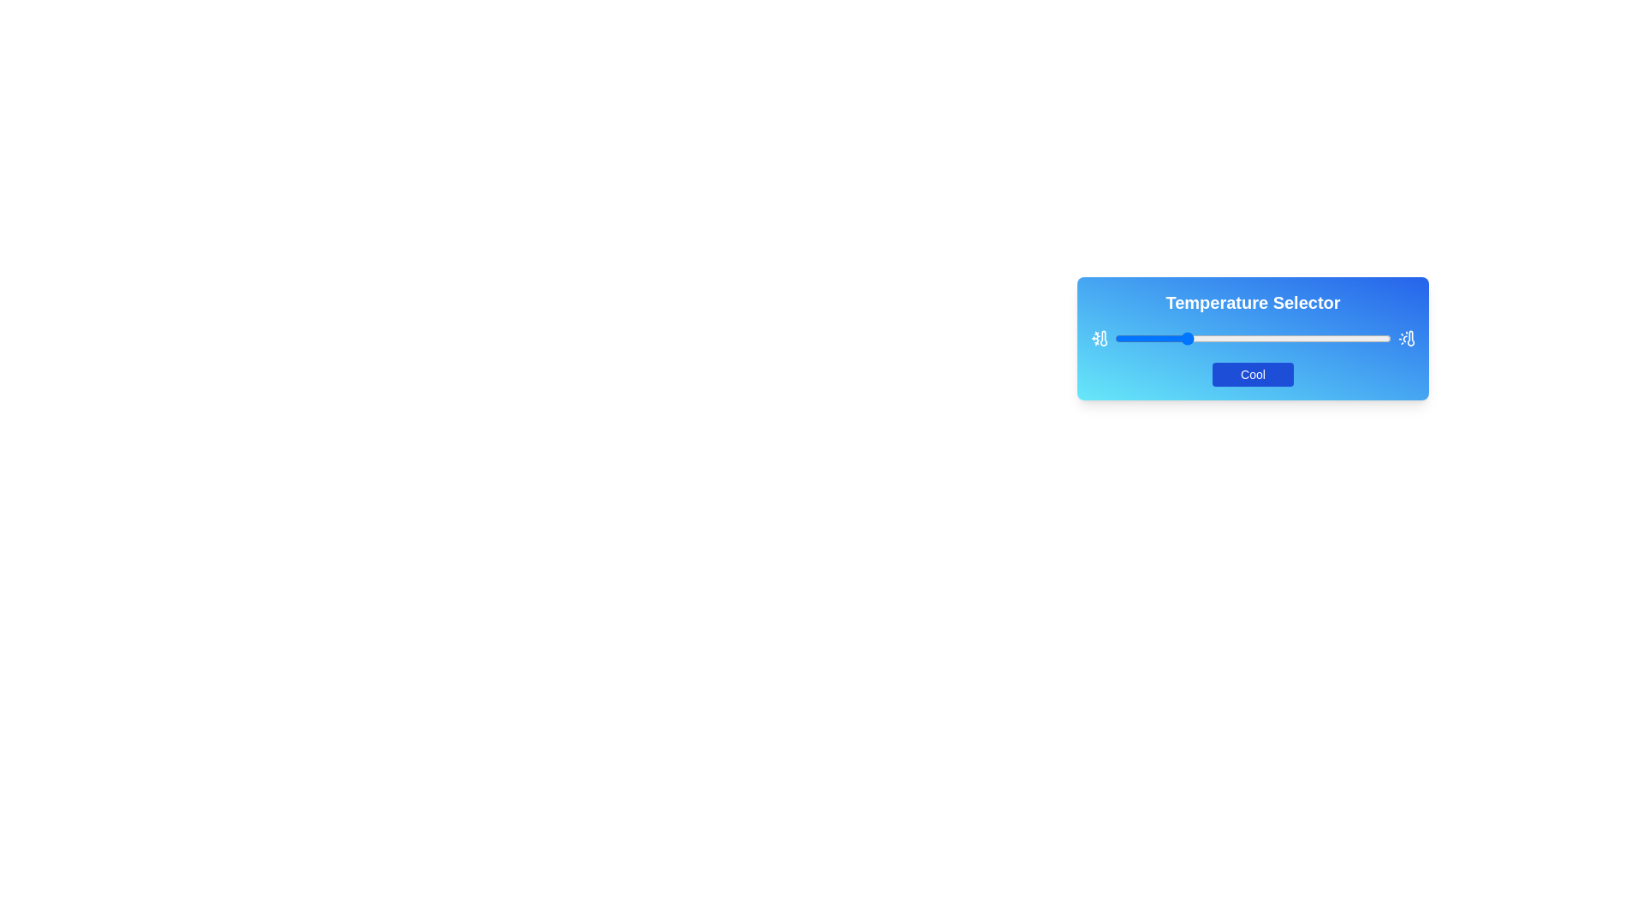 The height and width of the screenshot is (924, 1643). I want to click on the slider to set the temperature to 58, so click(1275, 339).